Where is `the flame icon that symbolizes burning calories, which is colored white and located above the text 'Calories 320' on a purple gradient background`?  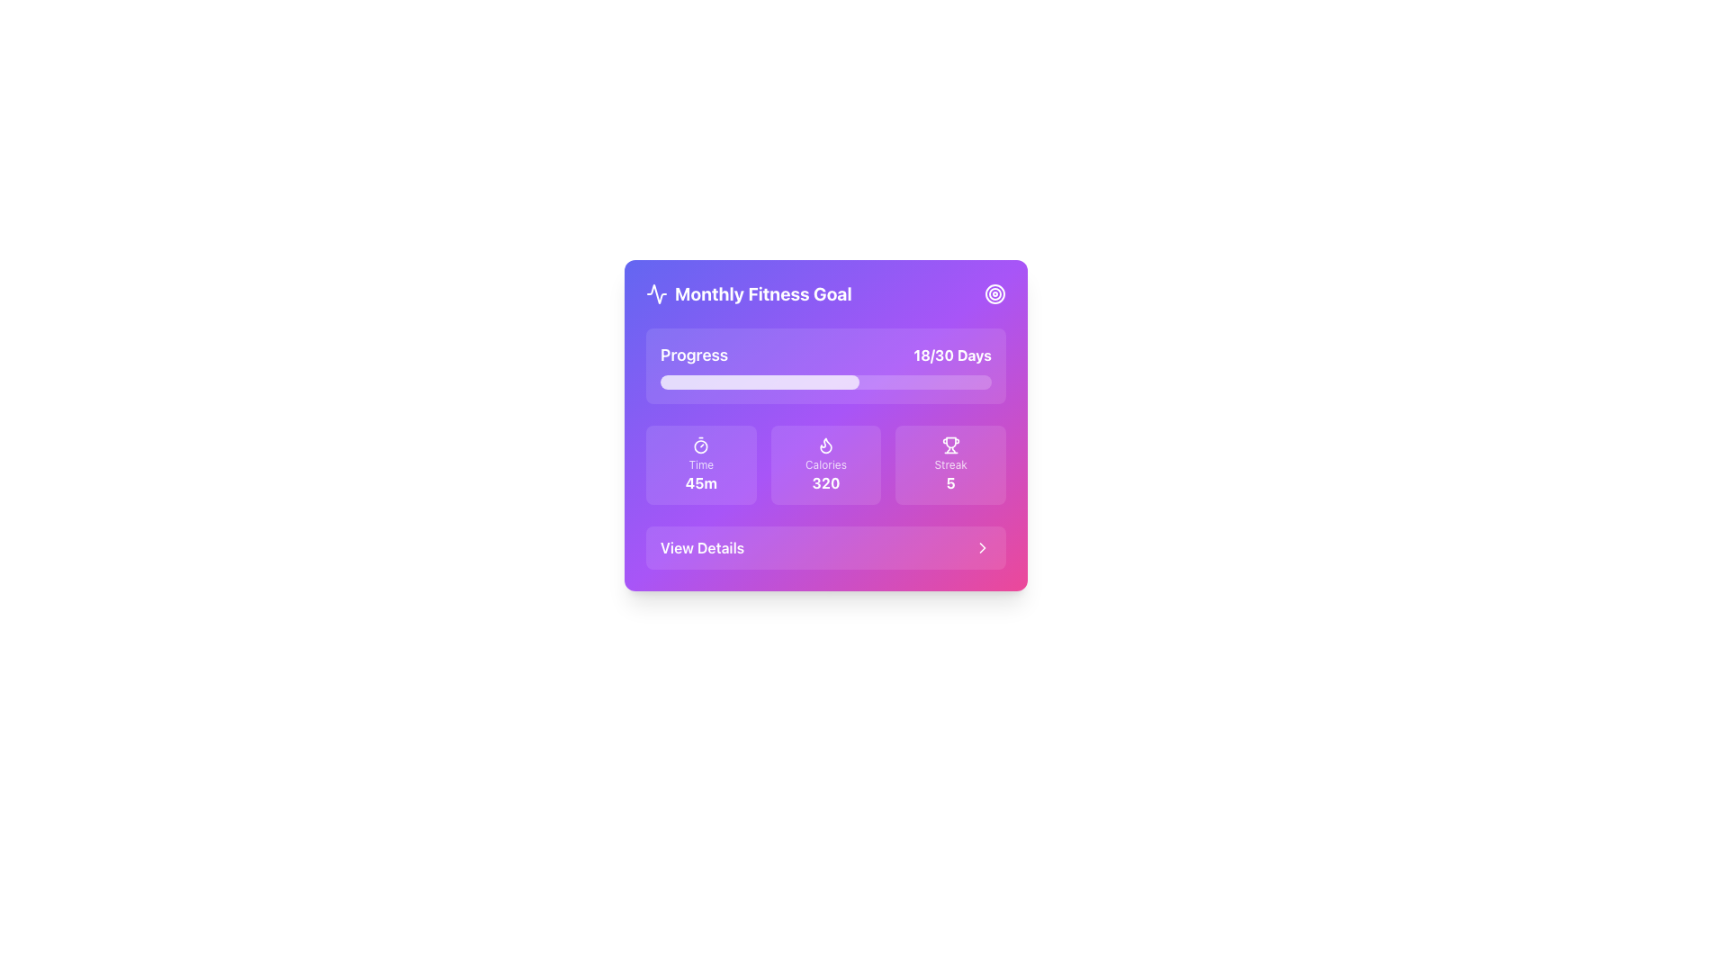
the flame icon that symbolizes burning calories, which is colored white and located above the text 'Calories 320' on a purple gradient background is located at coordinates (824, 445).